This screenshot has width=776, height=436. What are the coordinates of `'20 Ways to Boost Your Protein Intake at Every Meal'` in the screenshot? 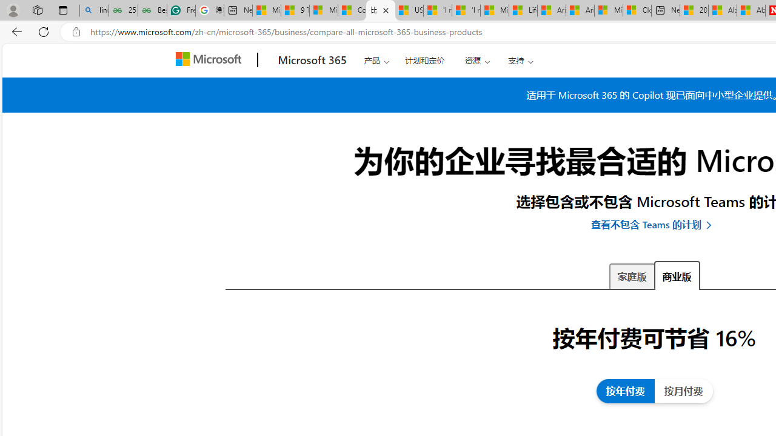 It's located at (694, 10).